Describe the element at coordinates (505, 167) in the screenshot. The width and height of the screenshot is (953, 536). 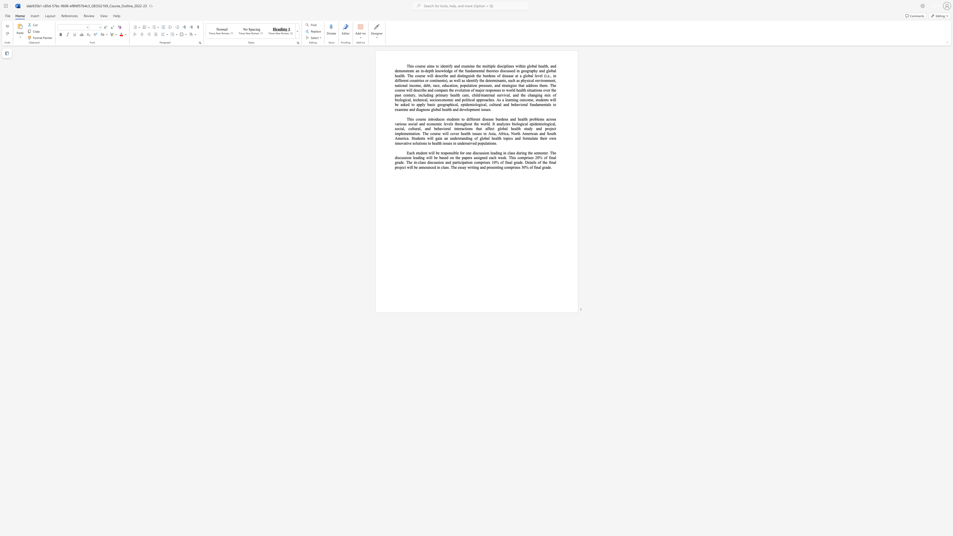
I see `the subset text "omprises 30% of final" within the text "project will be announced in class. The essay writing and presenting comprises 30% of final grade."` at that location.